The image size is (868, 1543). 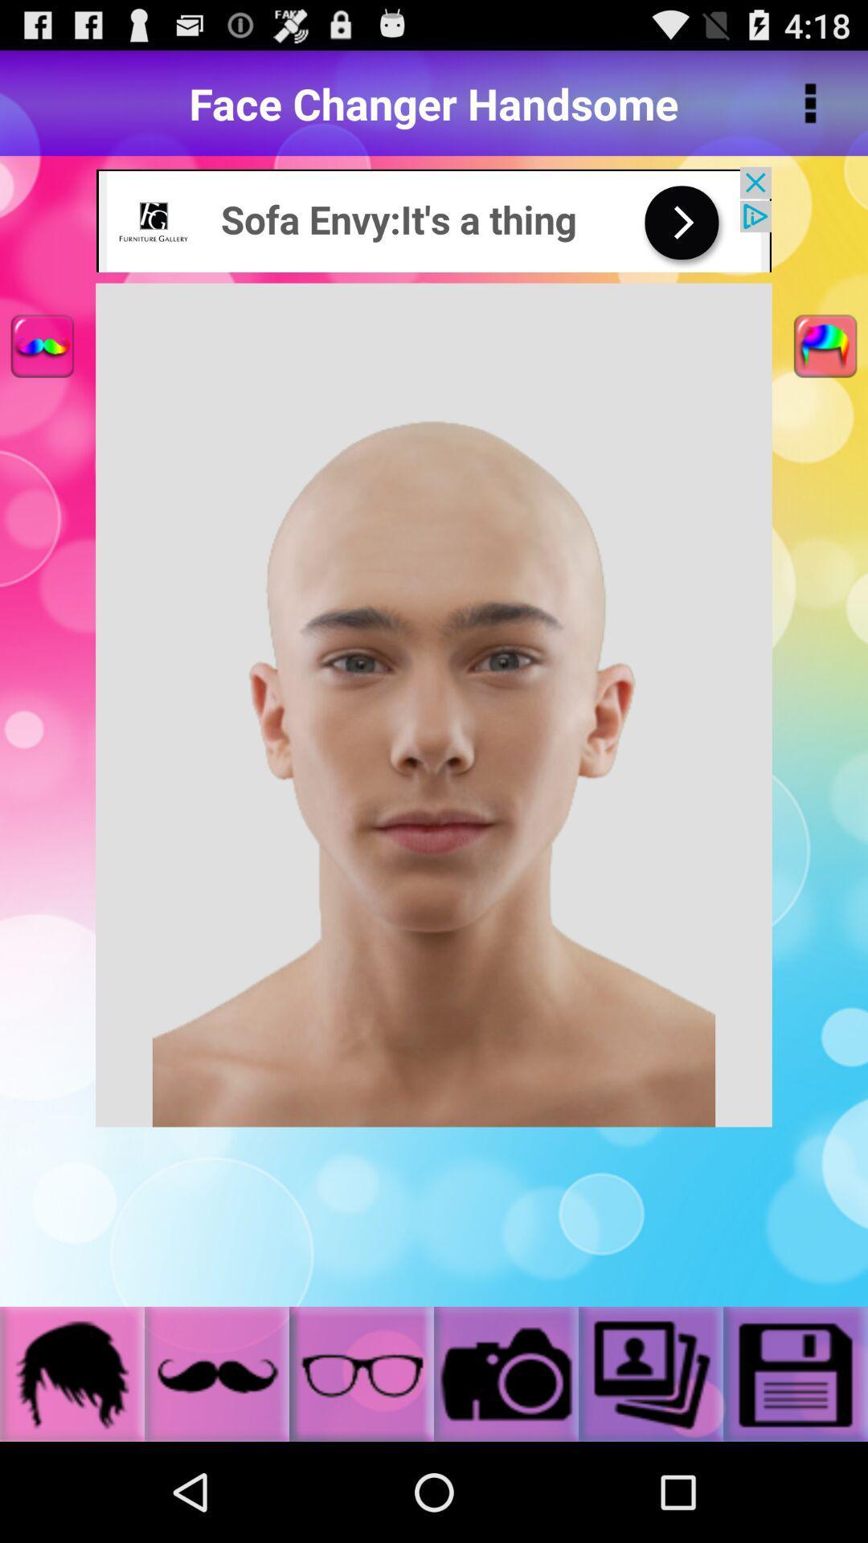 I want to click on click save button, so click(x=796, y=1373).